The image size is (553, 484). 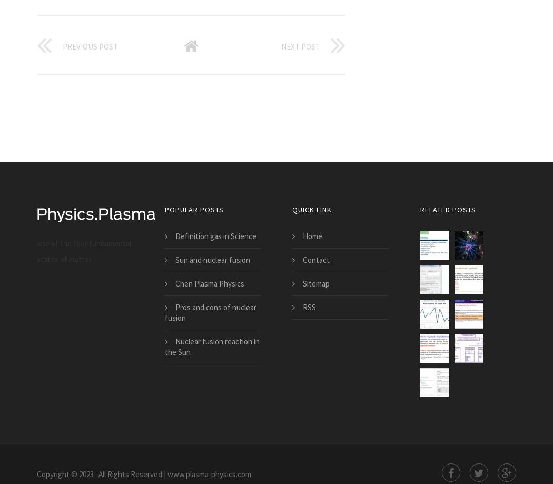 I want to click on 'Copyright © 2023 · All Rights Reserved | www.plasma-physics.com', so click(x=143, y=473).